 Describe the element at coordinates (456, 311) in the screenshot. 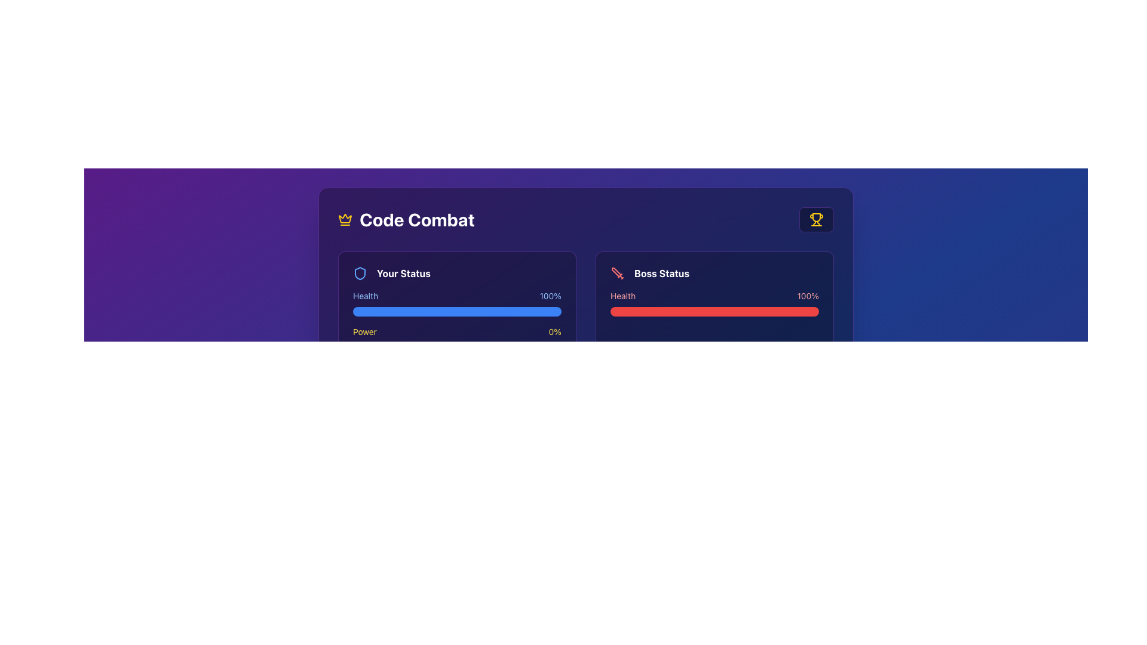

I see `the horizontally centered progress bar located within the 'Your Status' card, beneath the 'Health' label and above the 'Power' label` at that location.